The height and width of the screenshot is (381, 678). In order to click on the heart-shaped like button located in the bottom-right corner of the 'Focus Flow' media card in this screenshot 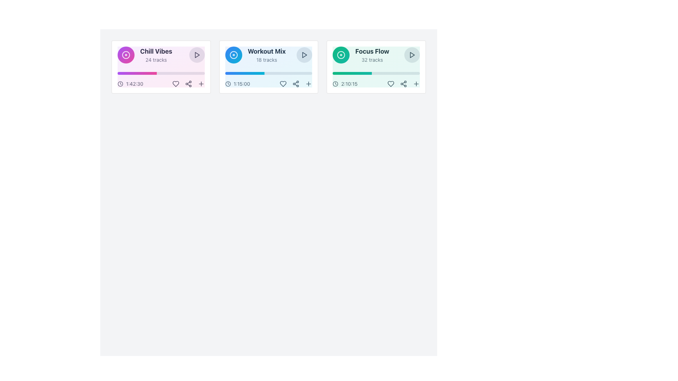, I will do `click(391, 84)`.